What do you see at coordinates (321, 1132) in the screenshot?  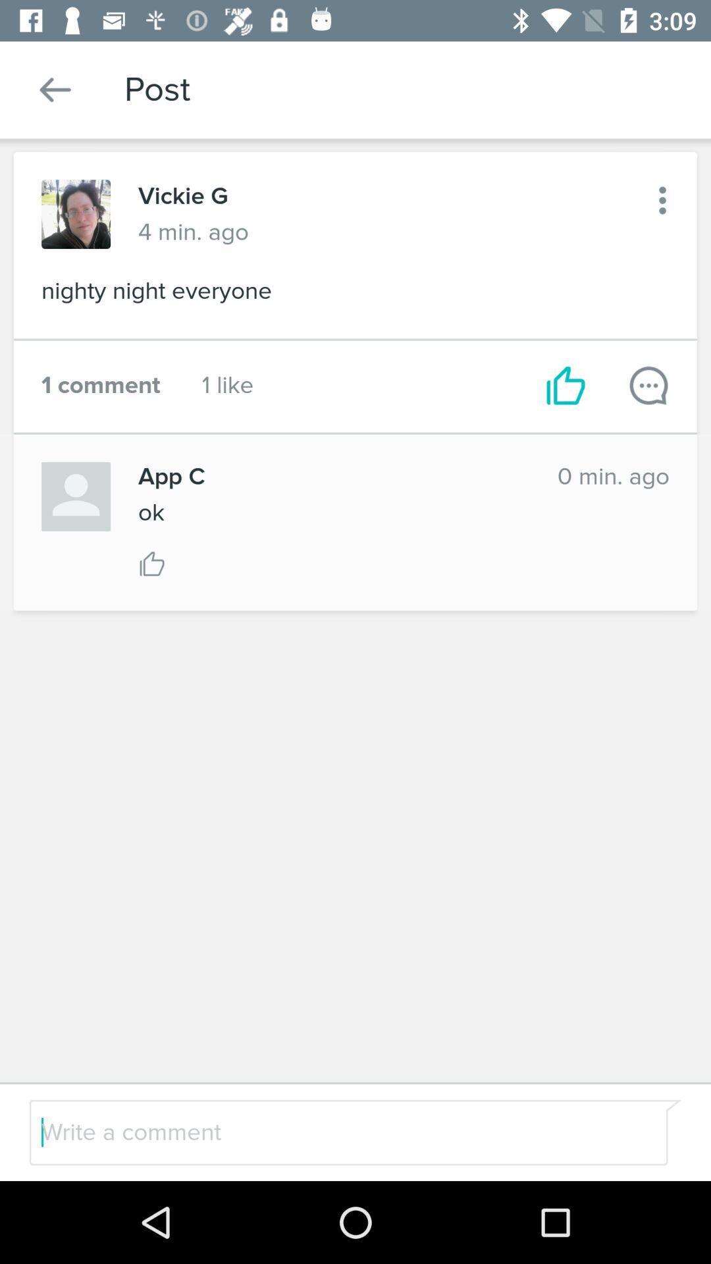 I see `write a comment` at bounding box center [321, 1132].